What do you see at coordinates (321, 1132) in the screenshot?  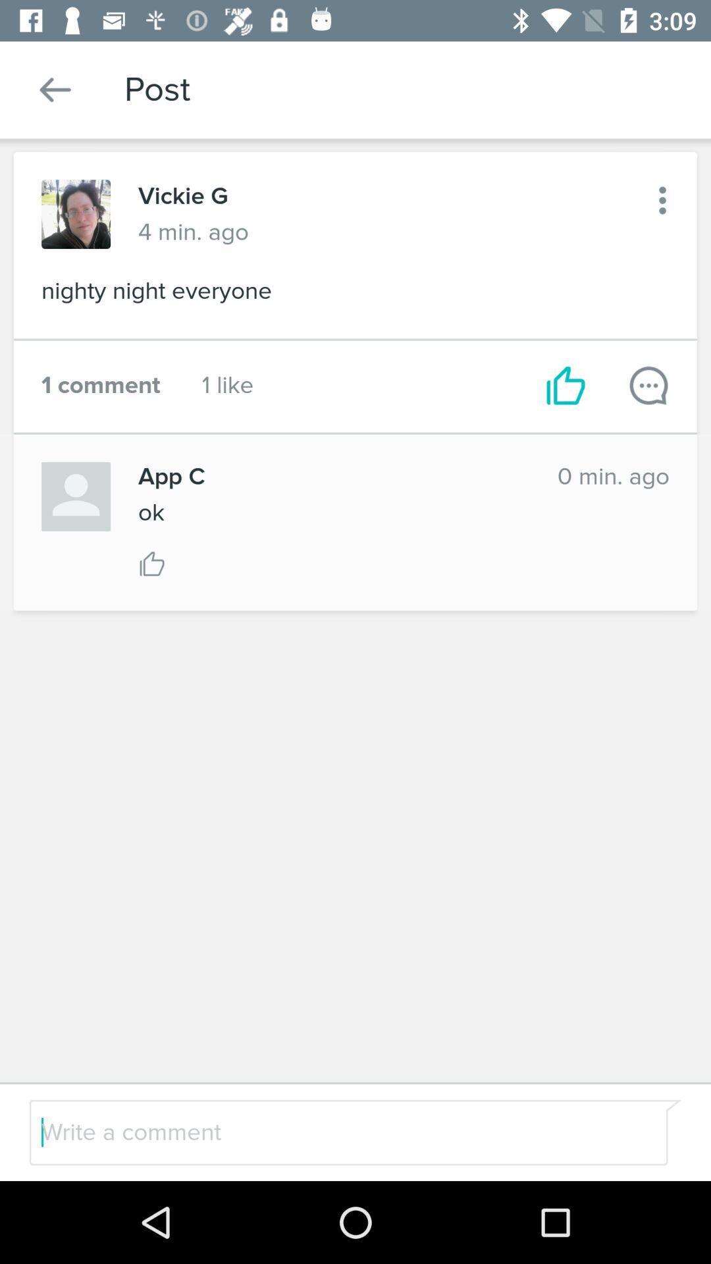 I see `write a comment` at bounding box center [321, 1132].